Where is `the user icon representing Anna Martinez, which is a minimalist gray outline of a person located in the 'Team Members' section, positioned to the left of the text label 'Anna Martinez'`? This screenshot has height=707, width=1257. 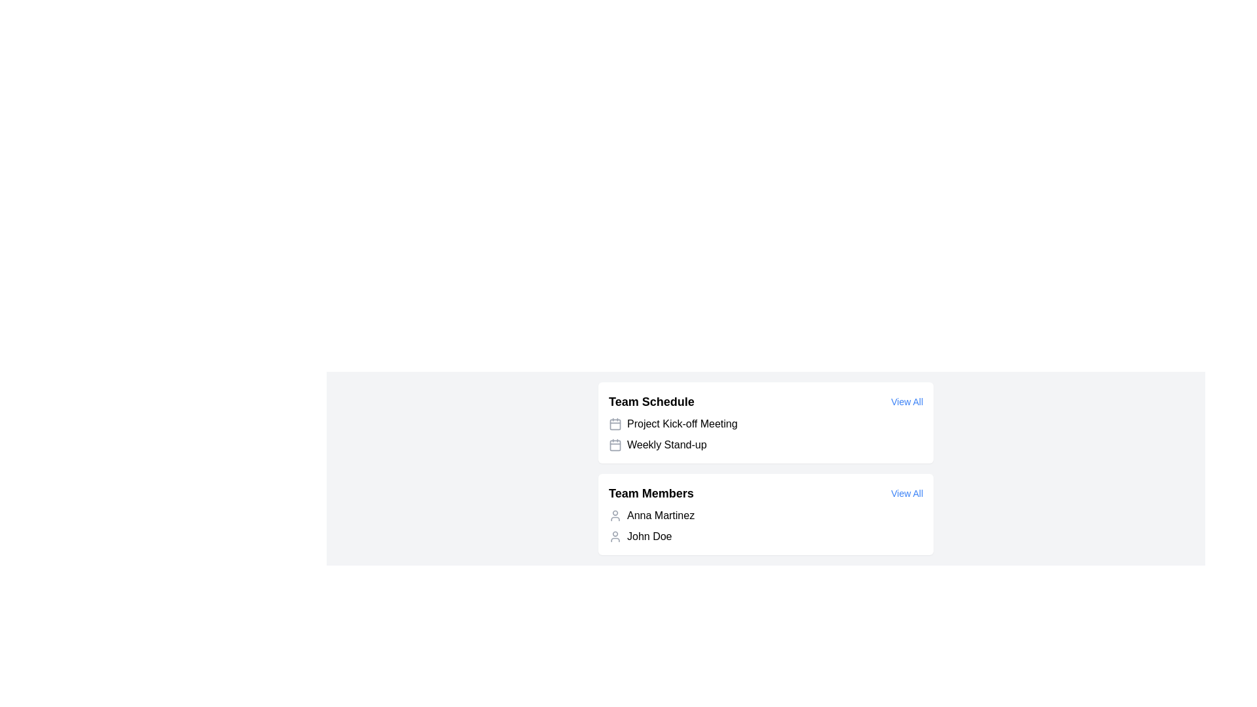
the user icon representing Anna Martinez, which is a minimalist gray outline of a person located in the 'Team Members' section, positioned to the left of the text label 'Anna Martinez' is located at coordinates (615, 515).